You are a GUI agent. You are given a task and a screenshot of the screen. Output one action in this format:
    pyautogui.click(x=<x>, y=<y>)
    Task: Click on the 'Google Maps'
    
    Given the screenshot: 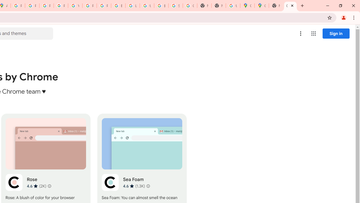 What is the action you would take?
    pyautogui.click(x=247, y=6)
    